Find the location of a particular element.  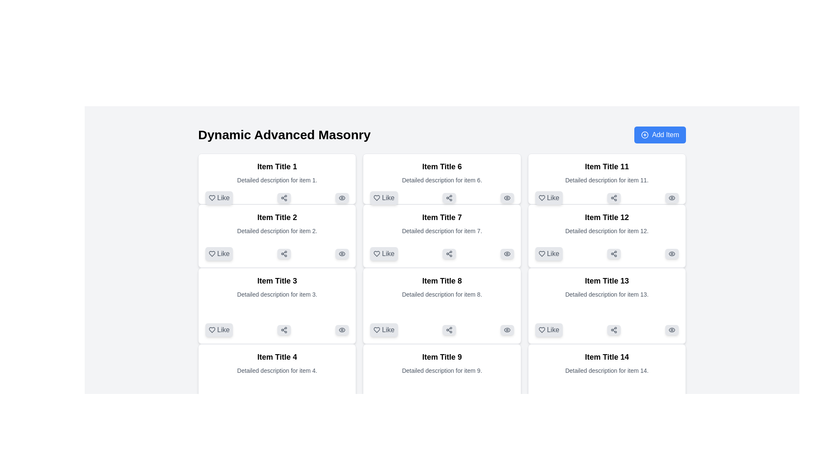

the small interactive button styled in a light gray rounded rectangle with a network icon is located at coordinates (614, 198).